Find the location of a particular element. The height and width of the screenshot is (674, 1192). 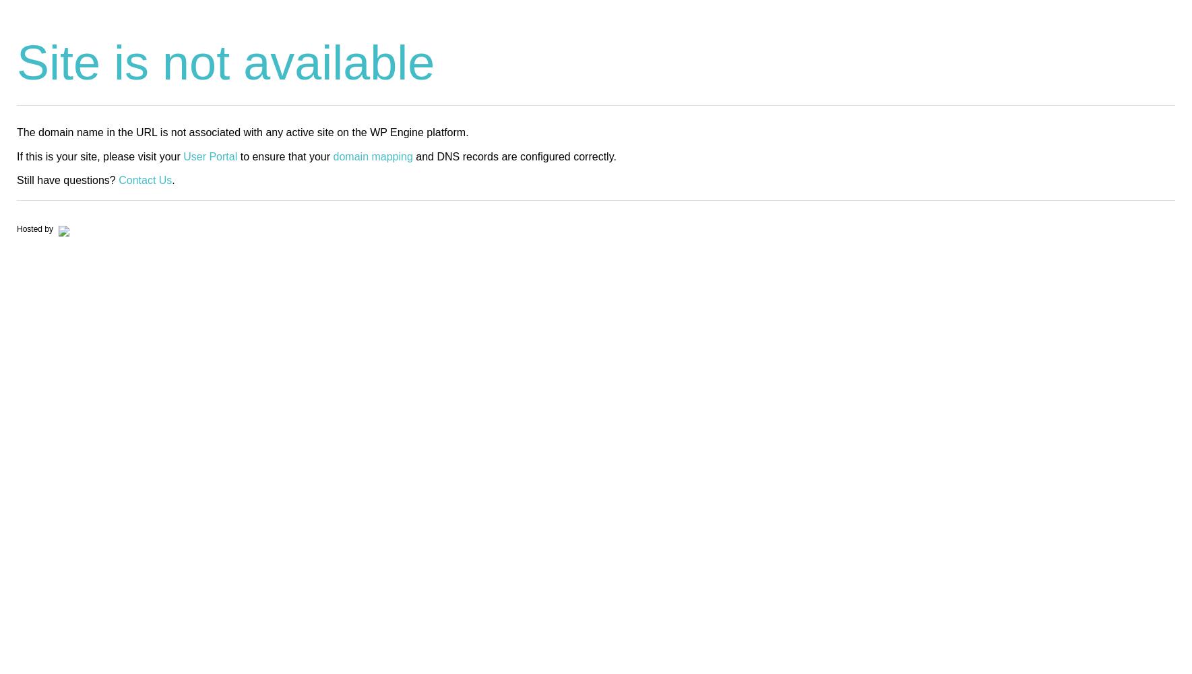

'Contact Us' is located at coordinates (145, 179).